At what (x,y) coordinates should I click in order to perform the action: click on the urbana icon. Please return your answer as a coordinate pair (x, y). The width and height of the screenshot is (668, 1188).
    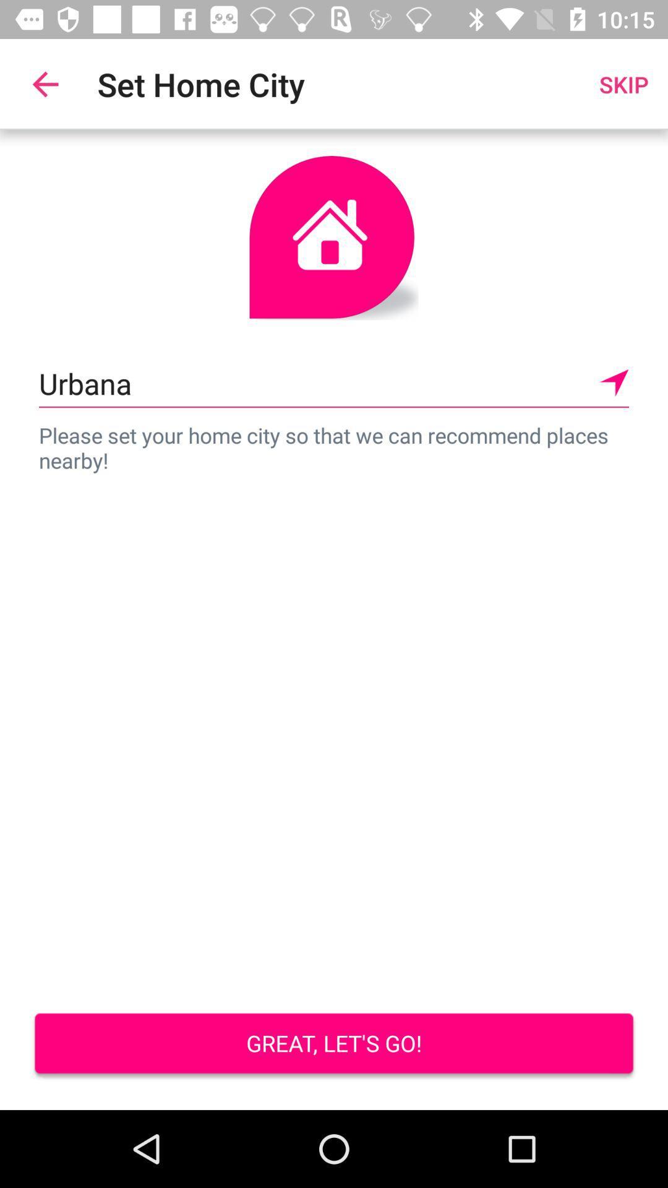
    Looking at the image, I should click on (334, 382).